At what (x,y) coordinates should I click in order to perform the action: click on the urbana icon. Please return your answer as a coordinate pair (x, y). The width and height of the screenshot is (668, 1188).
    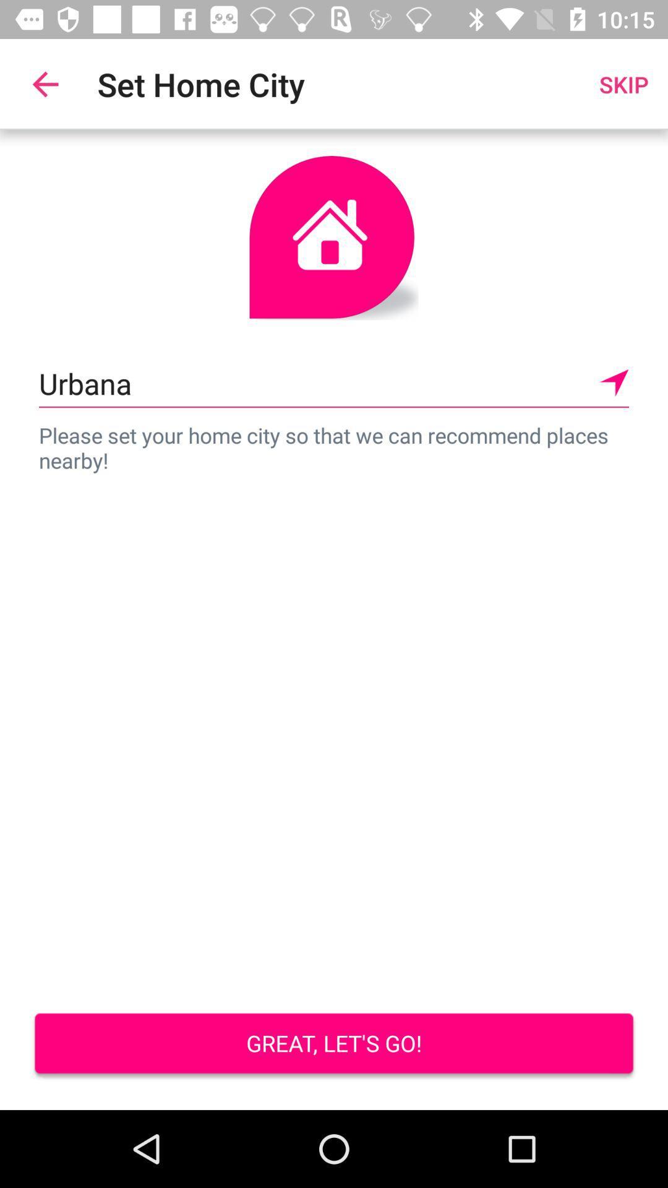
    Looking at the image, I should click on (334, 382).